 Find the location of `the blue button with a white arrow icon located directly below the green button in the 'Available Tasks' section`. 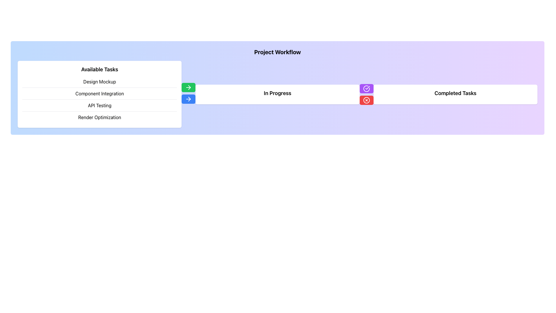

the blue button with a white arrow icon located directly below the green button in the 'Available Tasks' section is located at coordinates (189, 99).